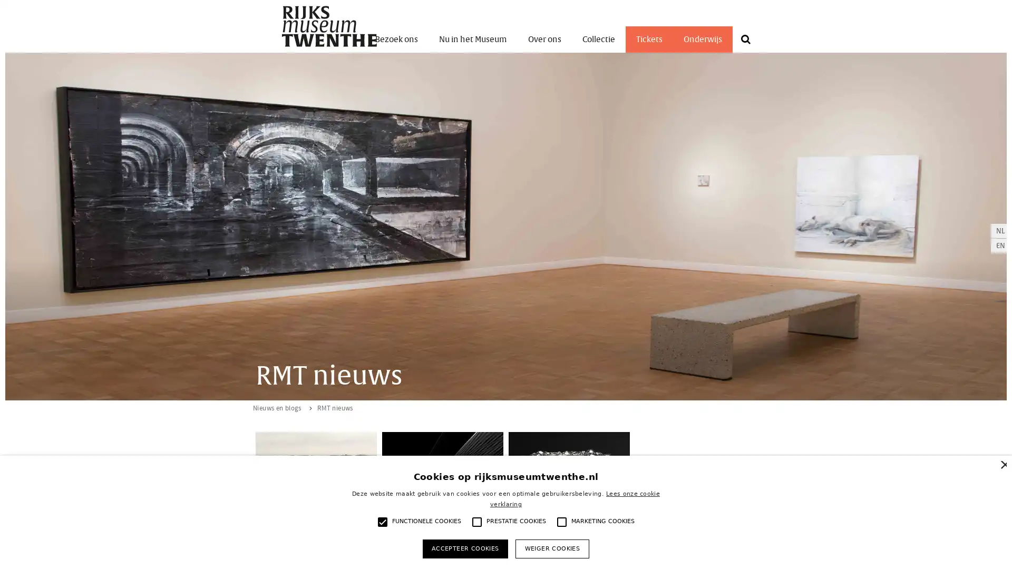 Image resolution: width=1012 pixels, height=569 pixels. I want to click on ACCEPTEER COOKIES, so click(464, 548).